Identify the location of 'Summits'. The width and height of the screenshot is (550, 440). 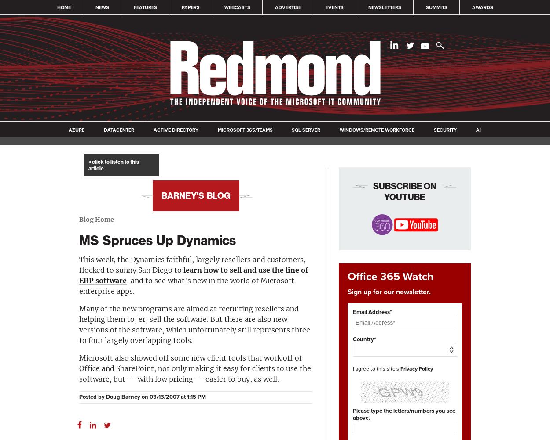
(436, 7).